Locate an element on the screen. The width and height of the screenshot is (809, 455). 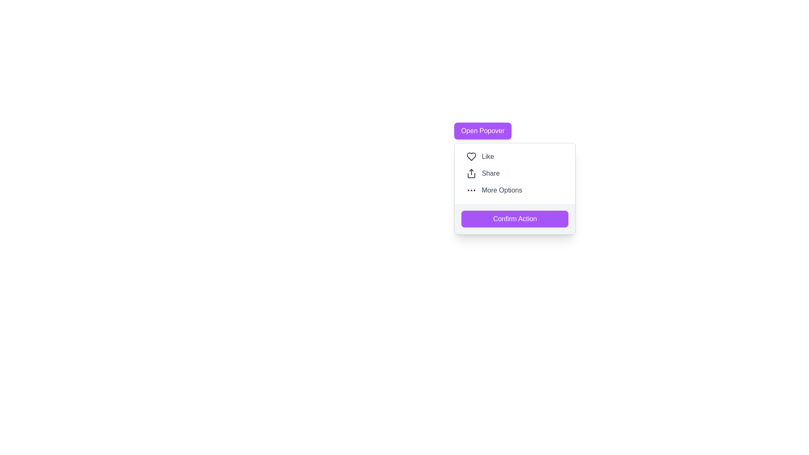
the heart-shaped icon with a hollow center and thick outline, which is the first icon in the vertically aligned button group containing the 'Like' text is located at coordinates (471, 156).